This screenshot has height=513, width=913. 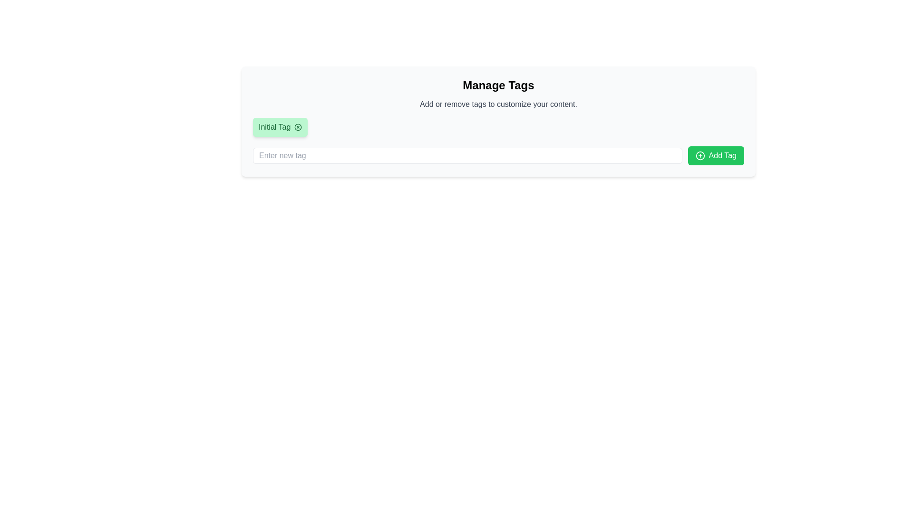 What do you see at coordinates (274, 126) in the screenshot?
I see `the 'Initial Tag' text label, which is displayed in bold green color and is part of a tag-like component with a light green background` at bounding box center [274, 126].